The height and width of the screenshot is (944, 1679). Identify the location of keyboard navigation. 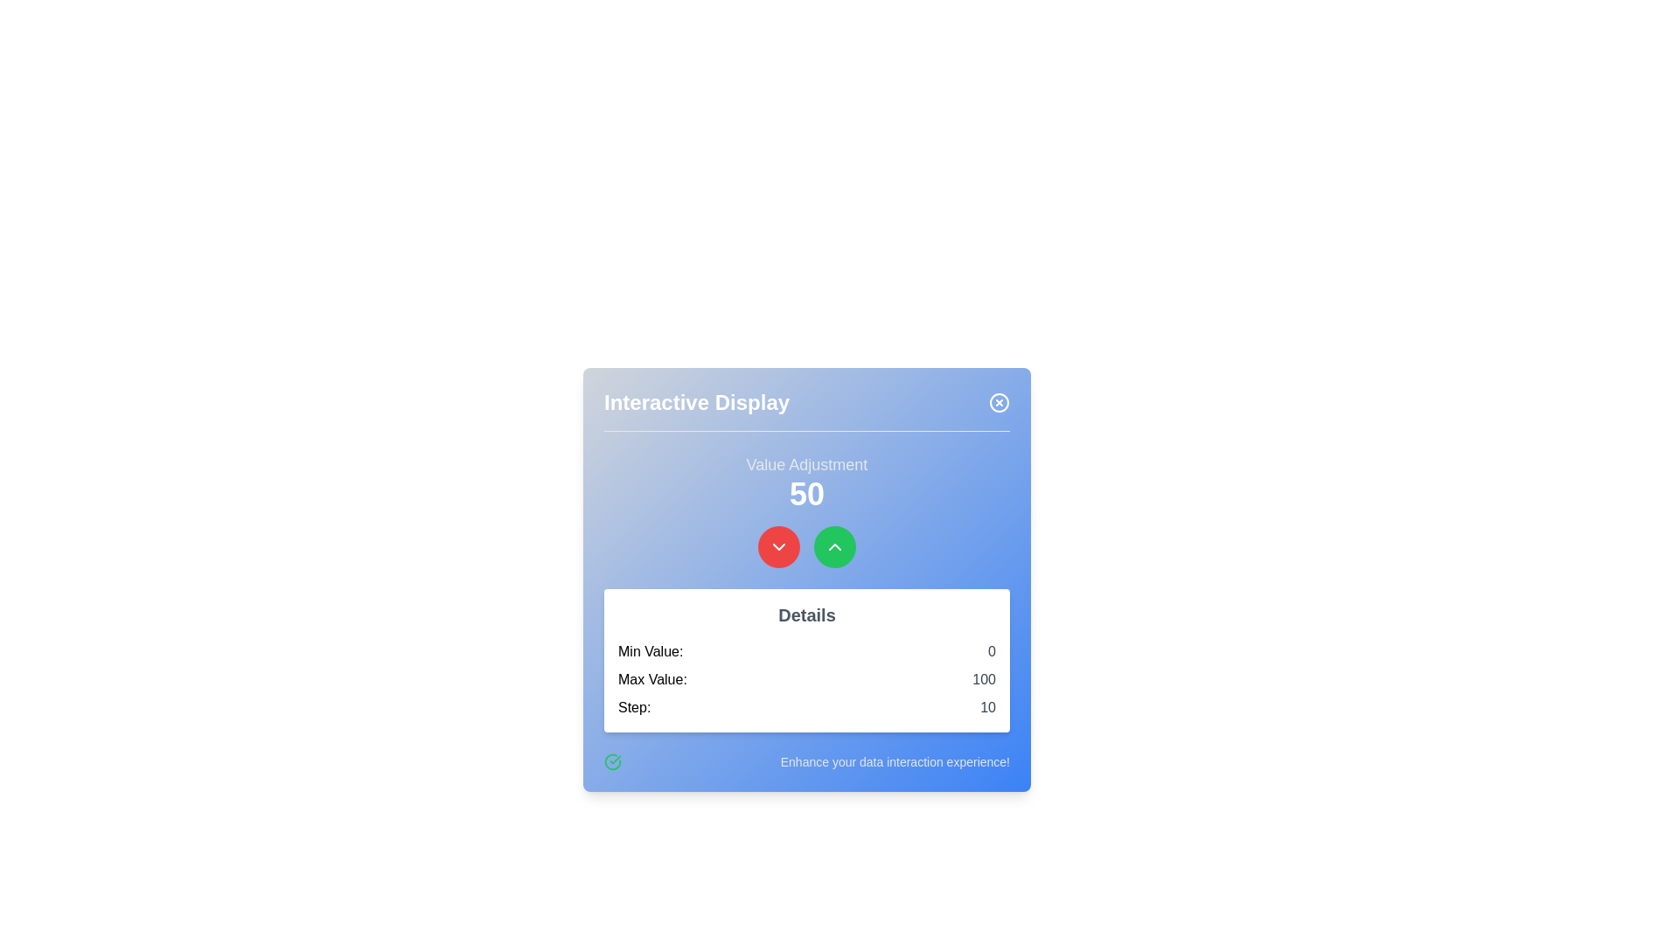
(778, 545).